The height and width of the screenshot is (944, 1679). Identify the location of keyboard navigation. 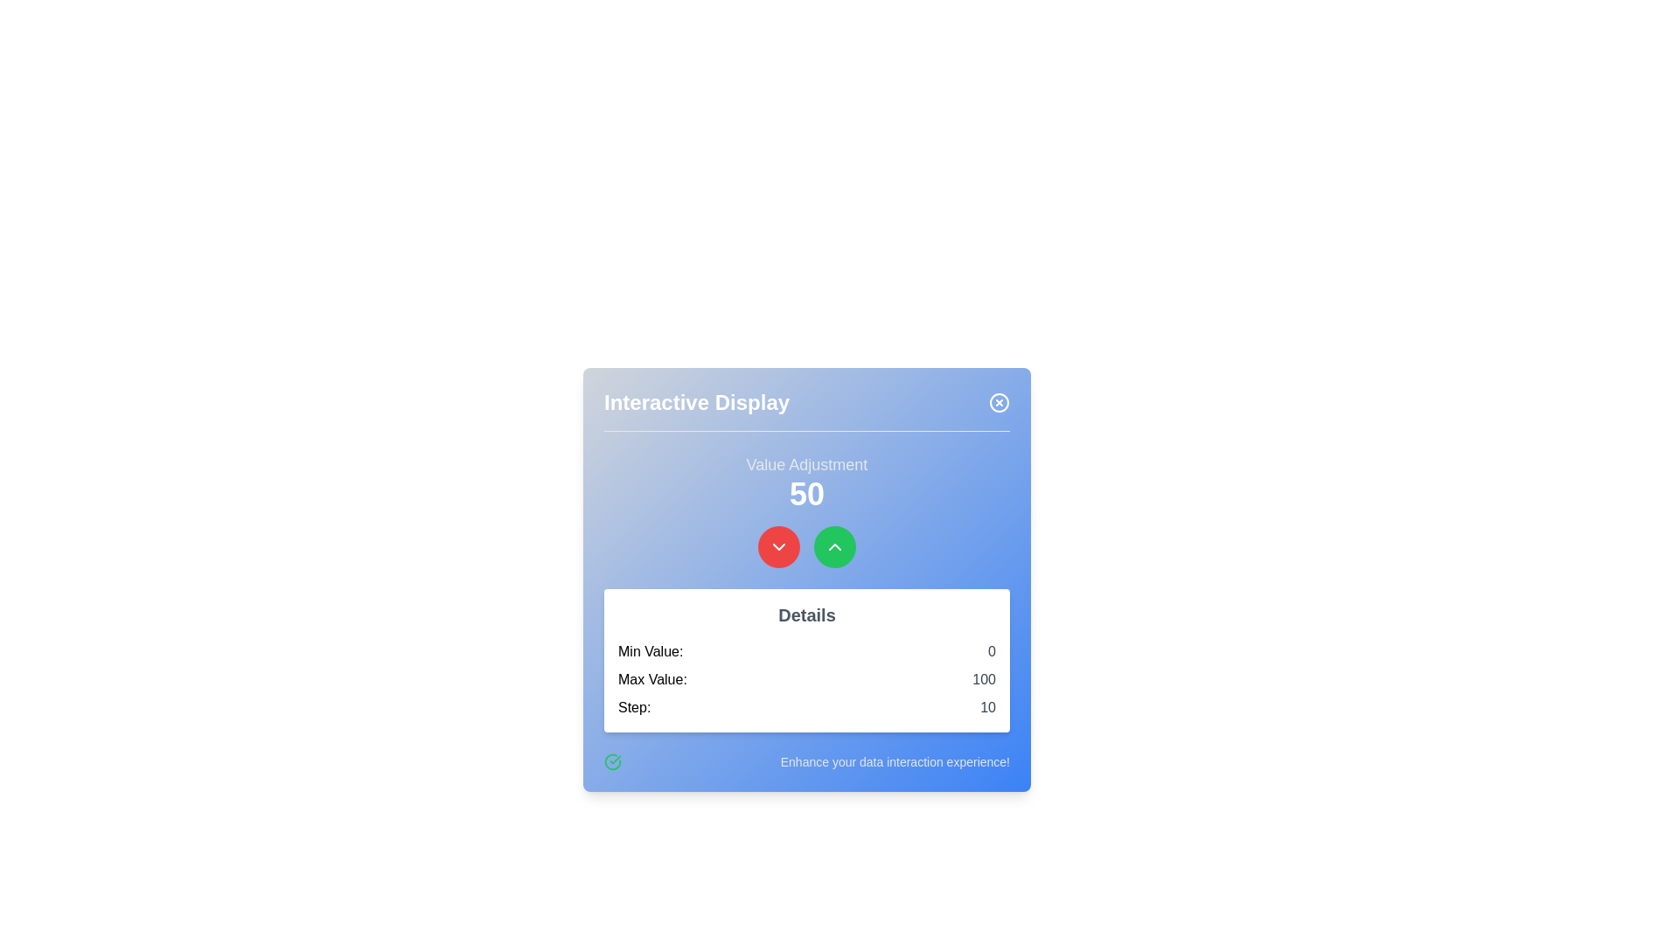
(778, 545).